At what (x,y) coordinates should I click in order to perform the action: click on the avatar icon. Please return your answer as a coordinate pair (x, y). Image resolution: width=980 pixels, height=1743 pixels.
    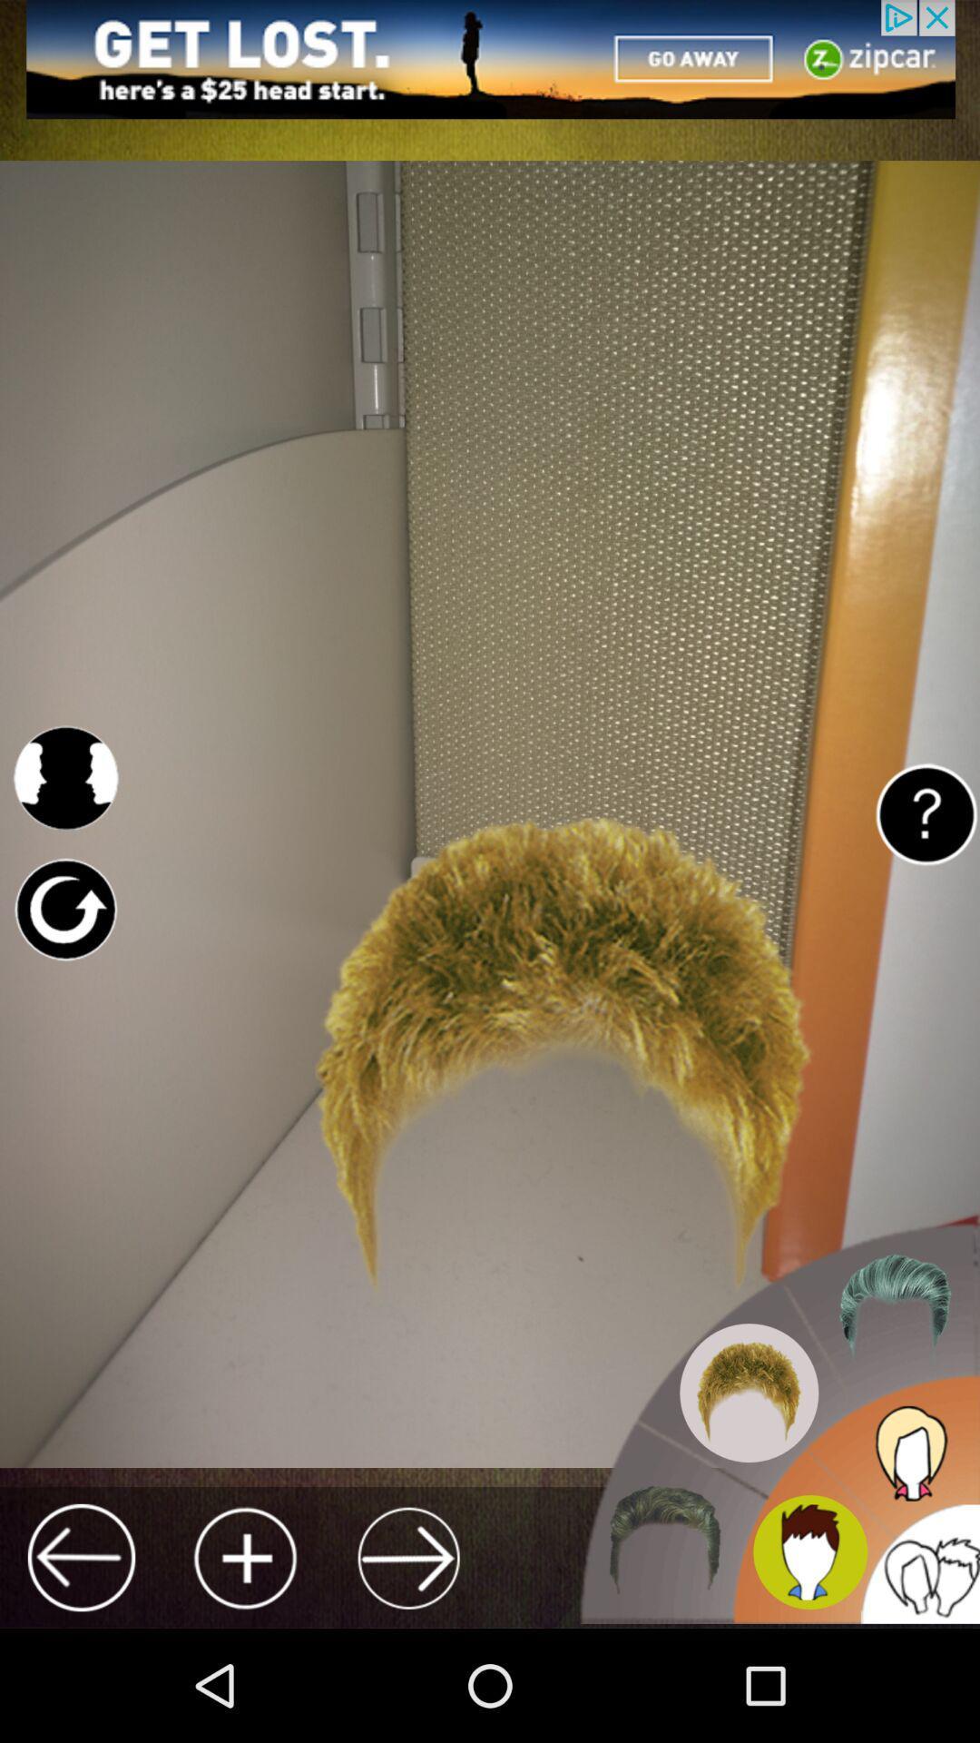
    Looking at the image, I should click on (64, 832).